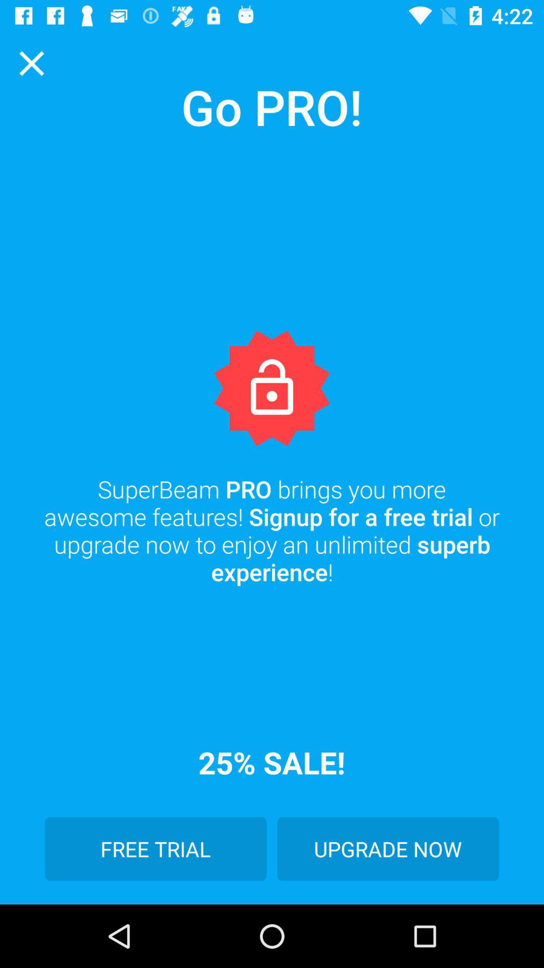  I want to click on exit upgrade account screen, so click(31, 63).